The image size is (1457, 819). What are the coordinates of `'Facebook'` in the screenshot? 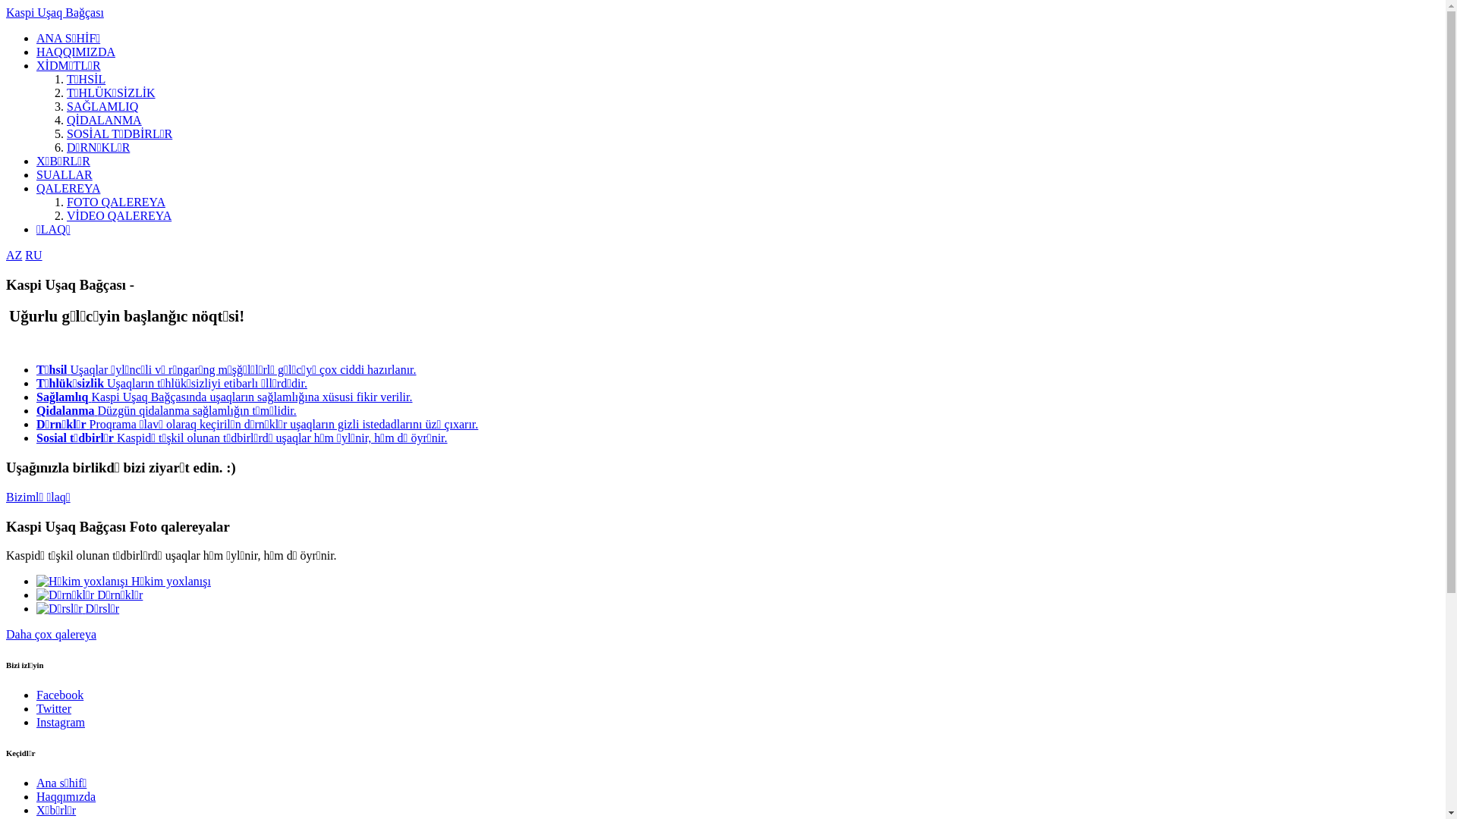 It's located at (59, 695).